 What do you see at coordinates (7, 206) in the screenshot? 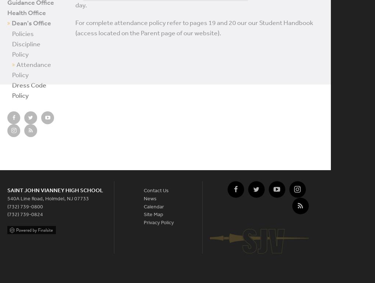
I see `'(732) 739-0800'` at bounding box center [7, 206].